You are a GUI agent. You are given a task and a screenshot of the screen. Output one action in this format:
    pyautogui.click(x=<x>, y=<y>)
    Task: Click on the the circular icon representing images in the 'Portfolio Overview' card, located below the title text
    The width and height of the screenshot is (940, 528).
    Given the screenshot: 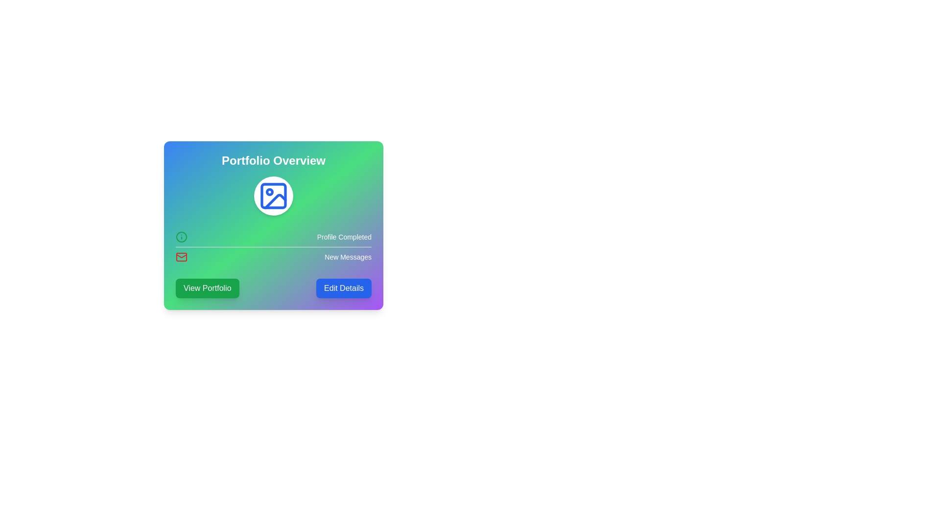 What is the action you would take?
    pyautogui.click(x=273, y=196)
    